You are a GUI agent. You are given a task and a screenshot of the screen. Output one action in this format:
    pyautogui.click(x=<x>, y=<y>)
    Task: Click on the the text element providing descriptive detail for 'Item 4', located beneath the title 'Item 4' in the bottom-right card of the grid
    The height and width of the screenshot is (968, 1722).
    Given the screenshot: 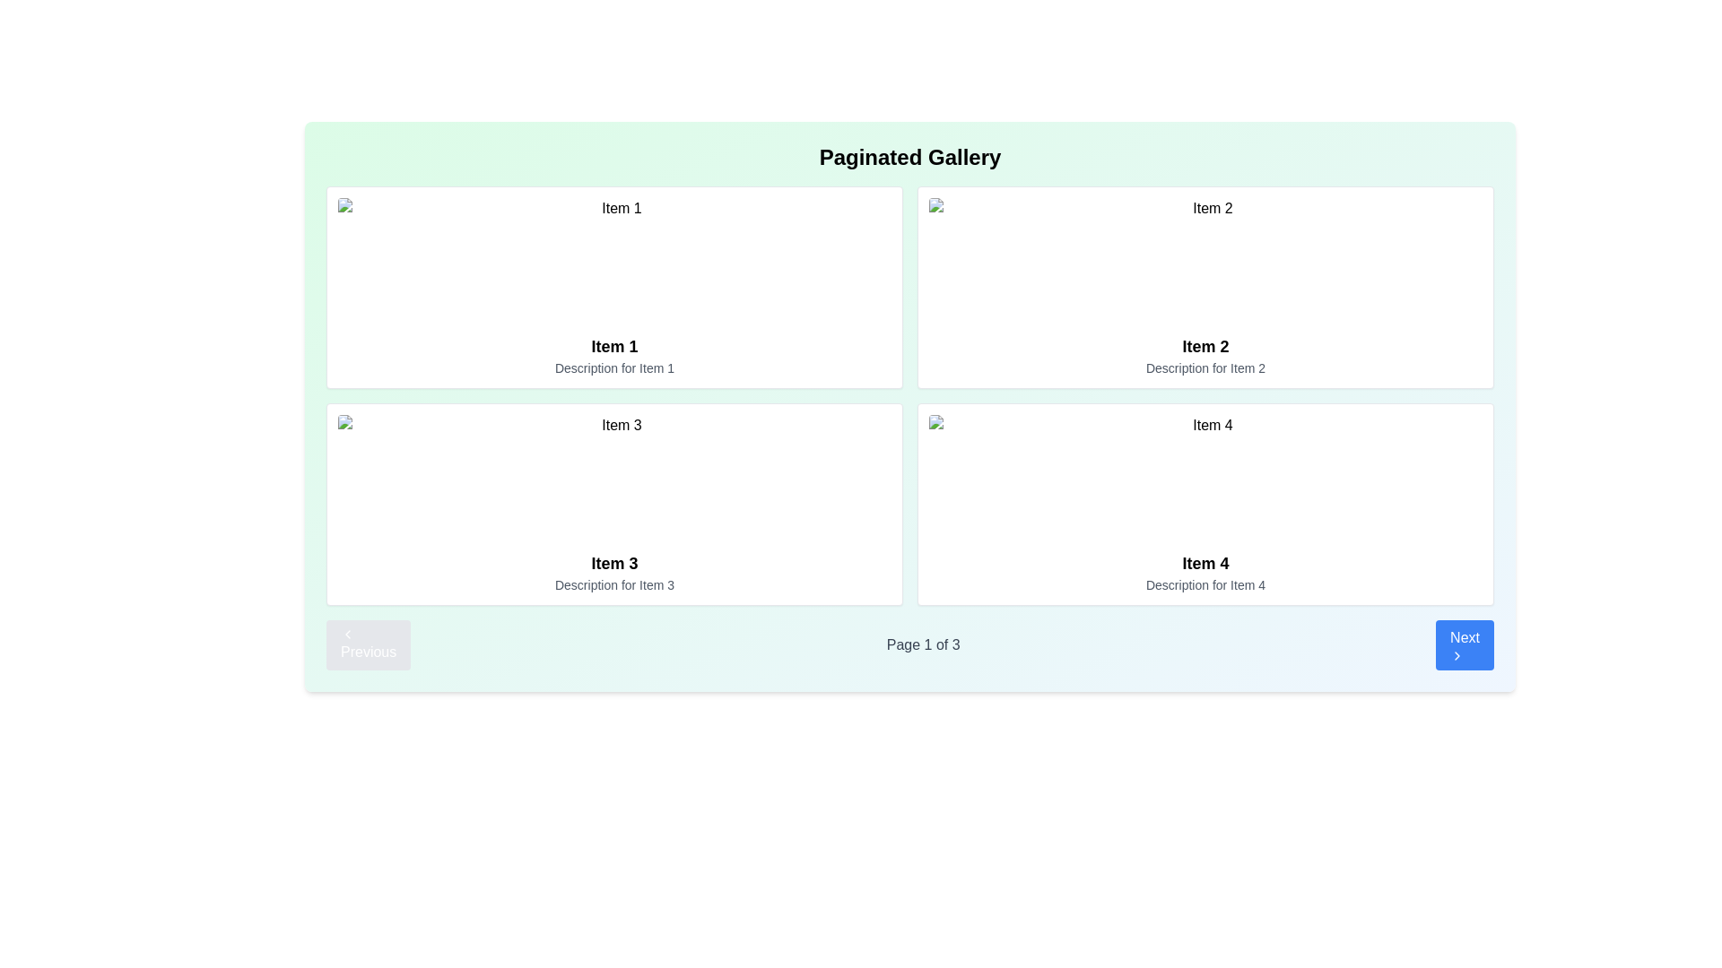 What is the action you would take?
    pyautogui.click(x=1205, y=584)
    